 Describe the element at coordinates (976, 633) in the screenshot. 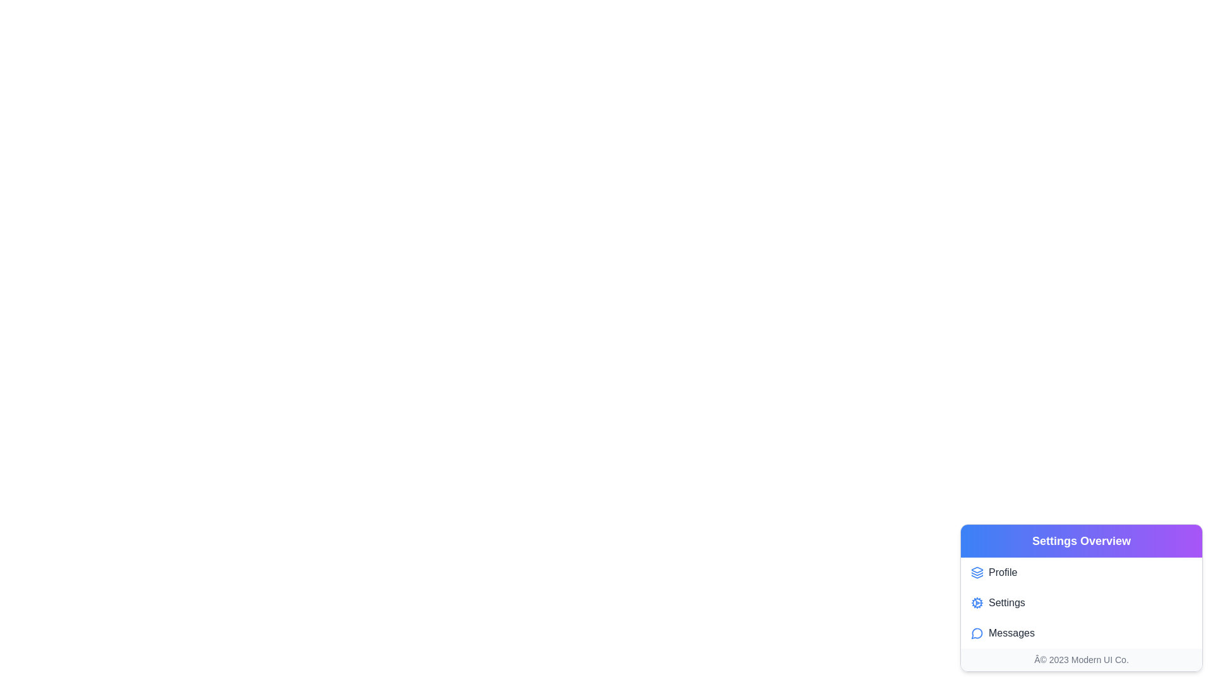

I see `the blue dialogue or message bubble icon located at the bottom right corner of the interface under the 'Settings Overview' section` at that location.